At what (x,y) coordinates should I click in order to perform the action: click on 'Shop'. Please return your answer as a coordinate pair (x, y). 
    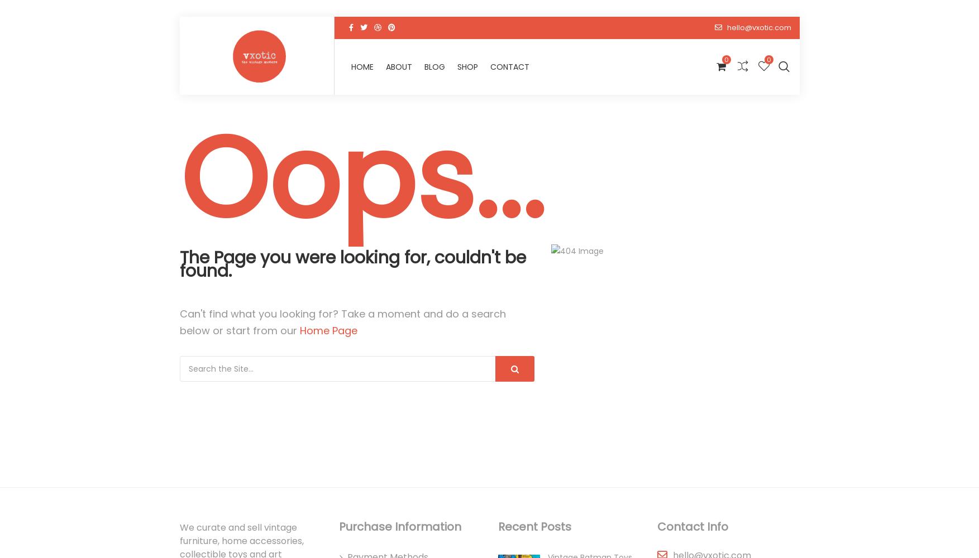
    Looking at the image, I should click on (684, 69).